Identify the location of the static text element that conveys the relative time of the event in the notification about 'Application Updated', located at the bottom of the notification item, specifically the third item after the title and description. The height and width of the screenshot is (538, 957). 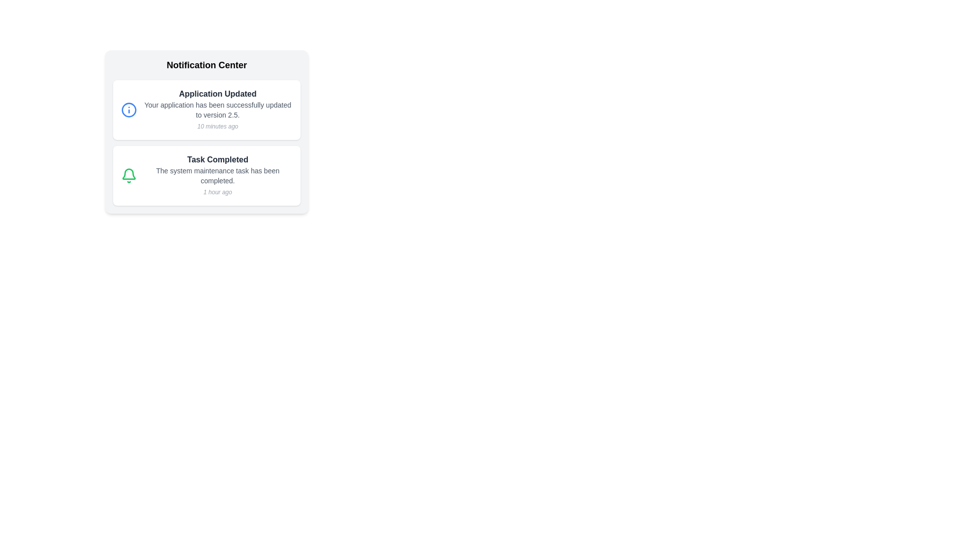
(217, 126).